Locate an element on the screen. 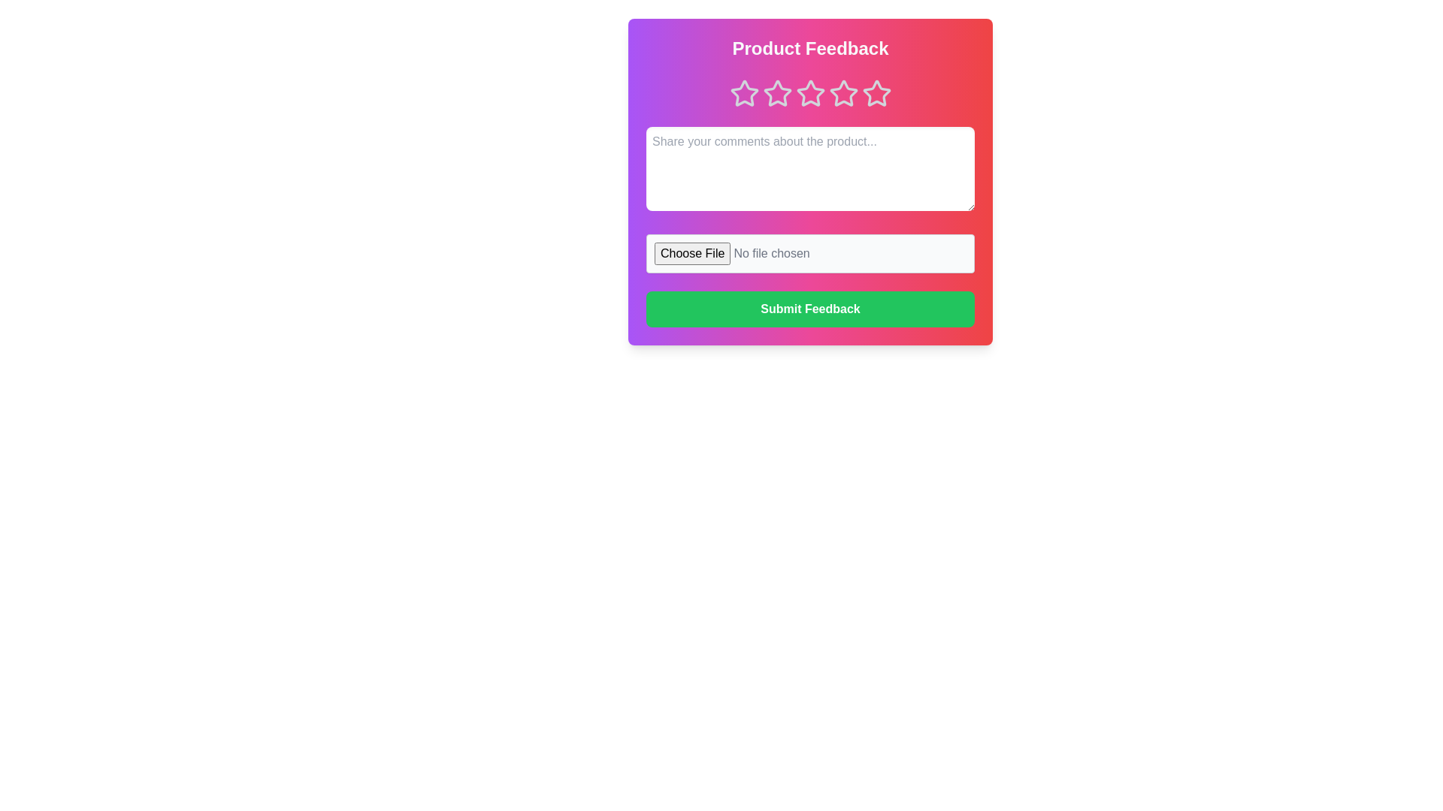 The width and height of the screenshot is (1443, 811). the 'Submit Feedback' button with rounded borders and green background is located at coordinates (809, 309).